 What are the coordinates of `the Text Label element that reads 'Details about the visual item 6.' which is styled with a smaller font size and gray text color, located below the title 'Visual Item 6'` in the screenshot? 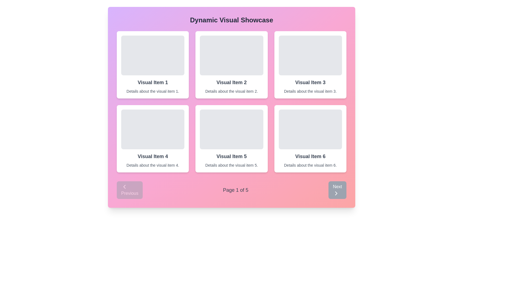 It's located at (310, 165).